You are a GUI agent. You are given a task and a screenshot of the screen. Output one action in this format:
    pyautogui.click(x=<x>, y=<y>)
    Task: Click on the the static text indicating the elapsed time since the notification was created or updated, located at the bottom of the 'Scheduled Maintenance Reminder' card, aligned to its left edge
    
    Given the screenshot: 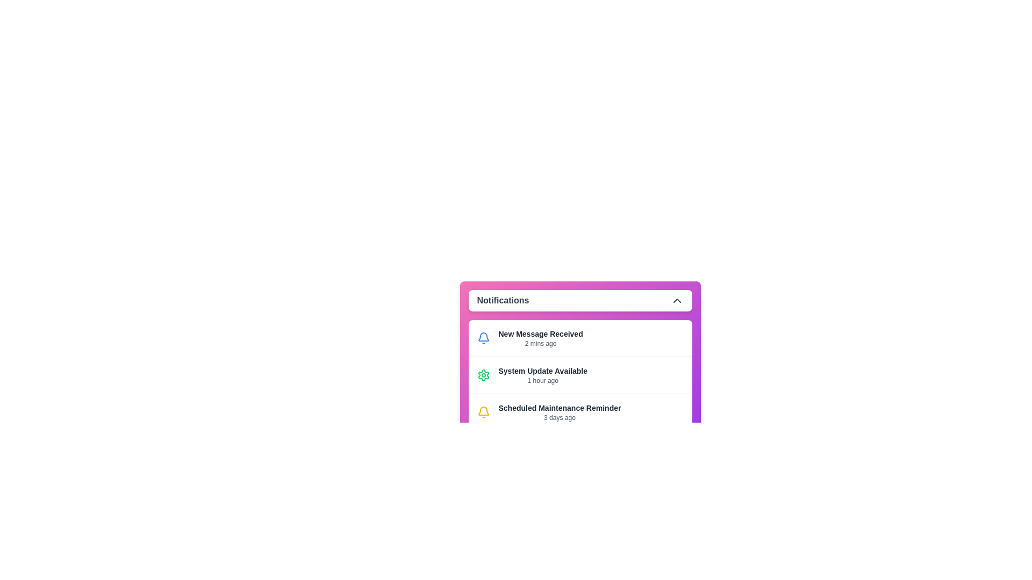 What is the action you would take?
    pyautogui.click(x=559, y=417)
    